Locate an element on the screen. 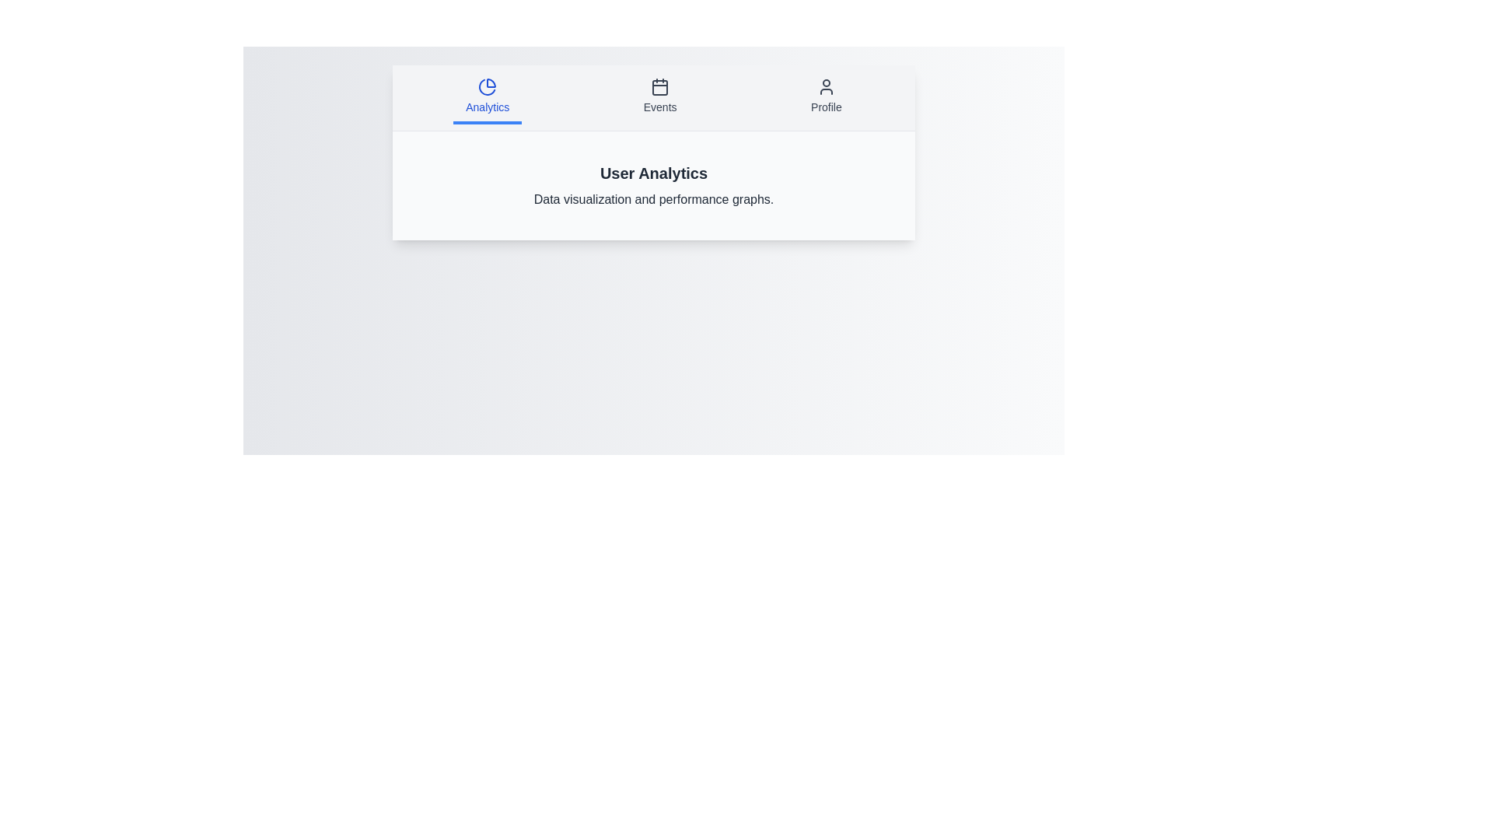  the Profile tab by clicking on its button is located at coordinates (825, 98).